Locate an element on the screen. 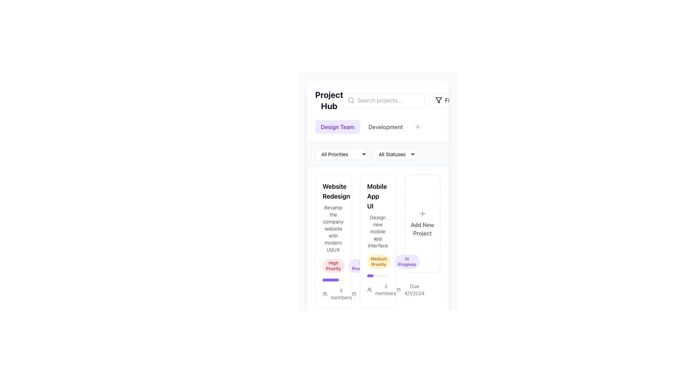 The height and width of the screenshot is (379, 674). the static text label or heading element located in the top-left corner of the interface, which represents the name of the section or application is located at coordinates (329, 100).